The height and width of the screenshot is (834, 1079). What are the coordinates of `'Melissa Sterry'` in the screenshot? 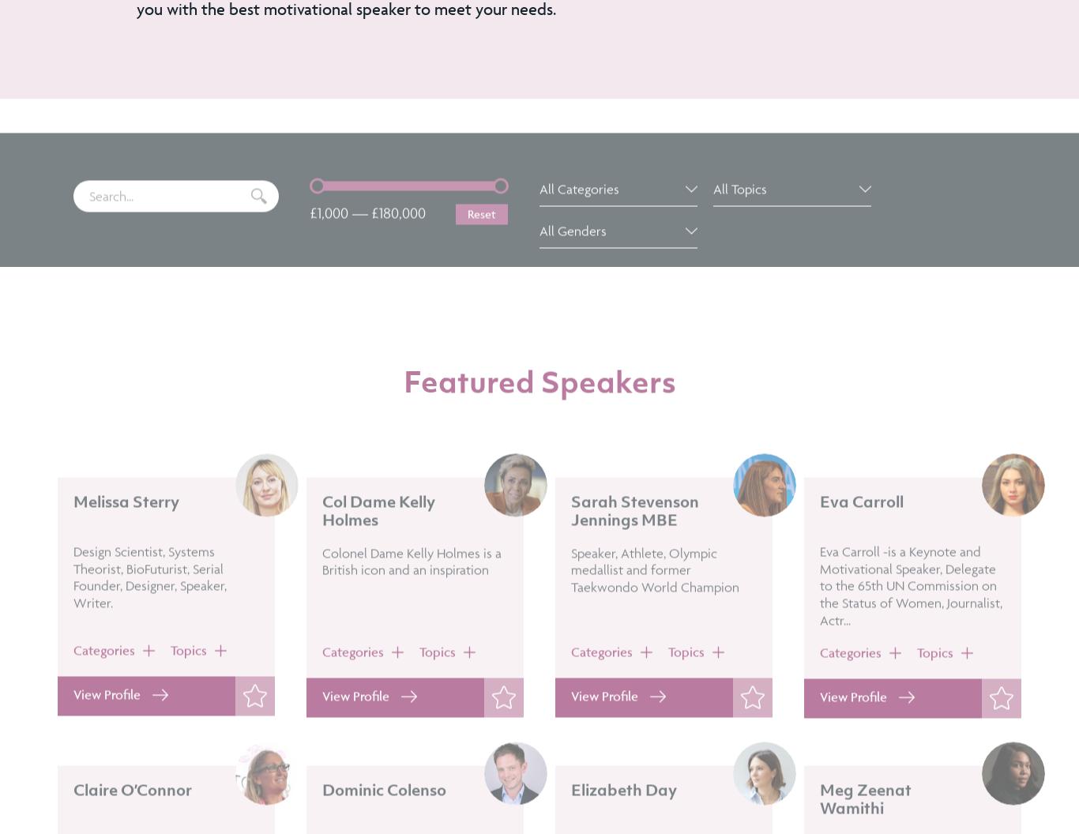 It's located at (125, 546).